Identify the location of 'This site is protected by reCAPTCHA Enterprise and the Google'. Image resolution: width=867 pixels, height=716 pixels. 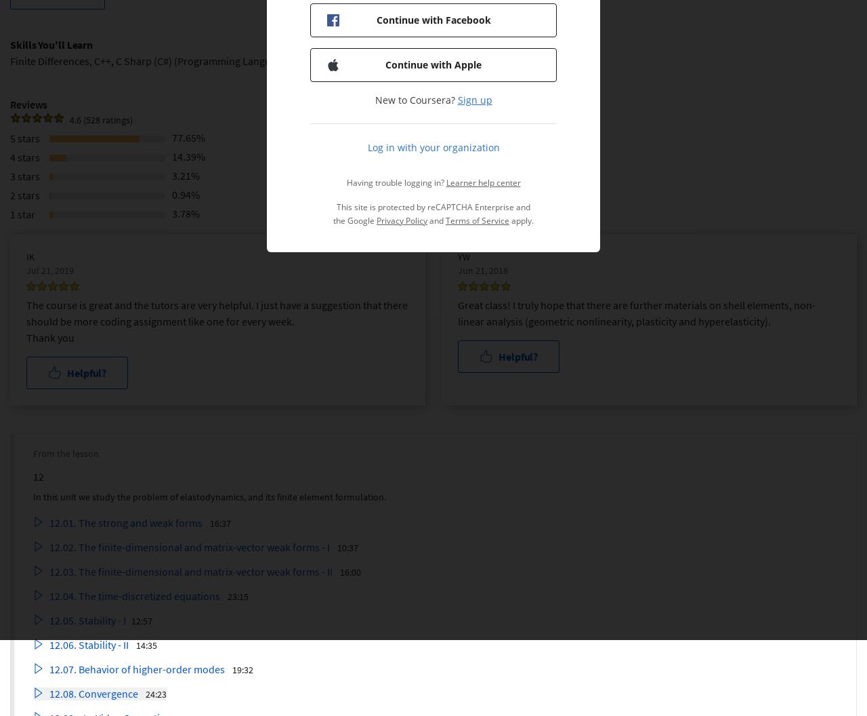
(333, 214).